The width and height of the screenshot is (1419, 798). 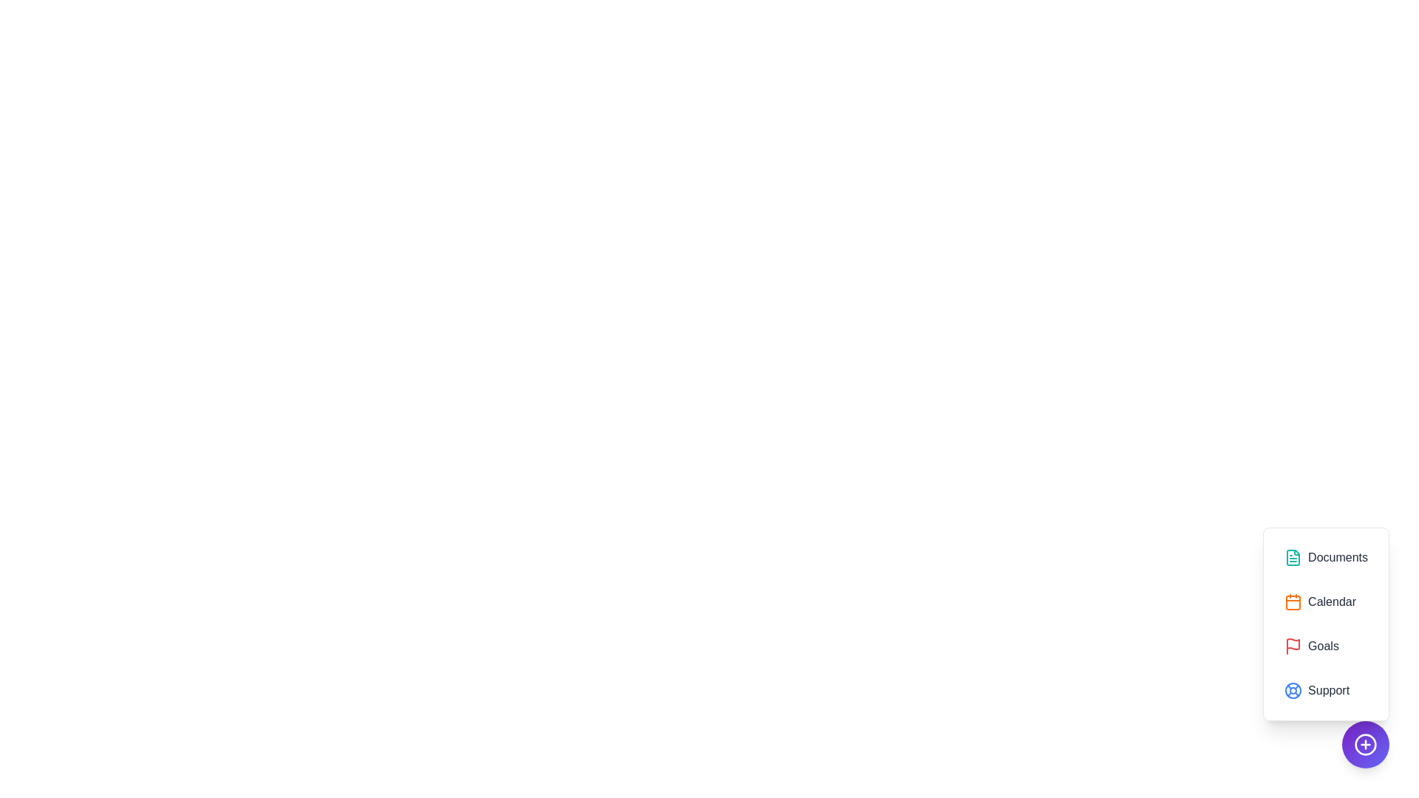 What do you see at coordinates (1326, 690) in the screenshot?
I see `the Support icon to interact with it` at bounding box center [1326, 690].